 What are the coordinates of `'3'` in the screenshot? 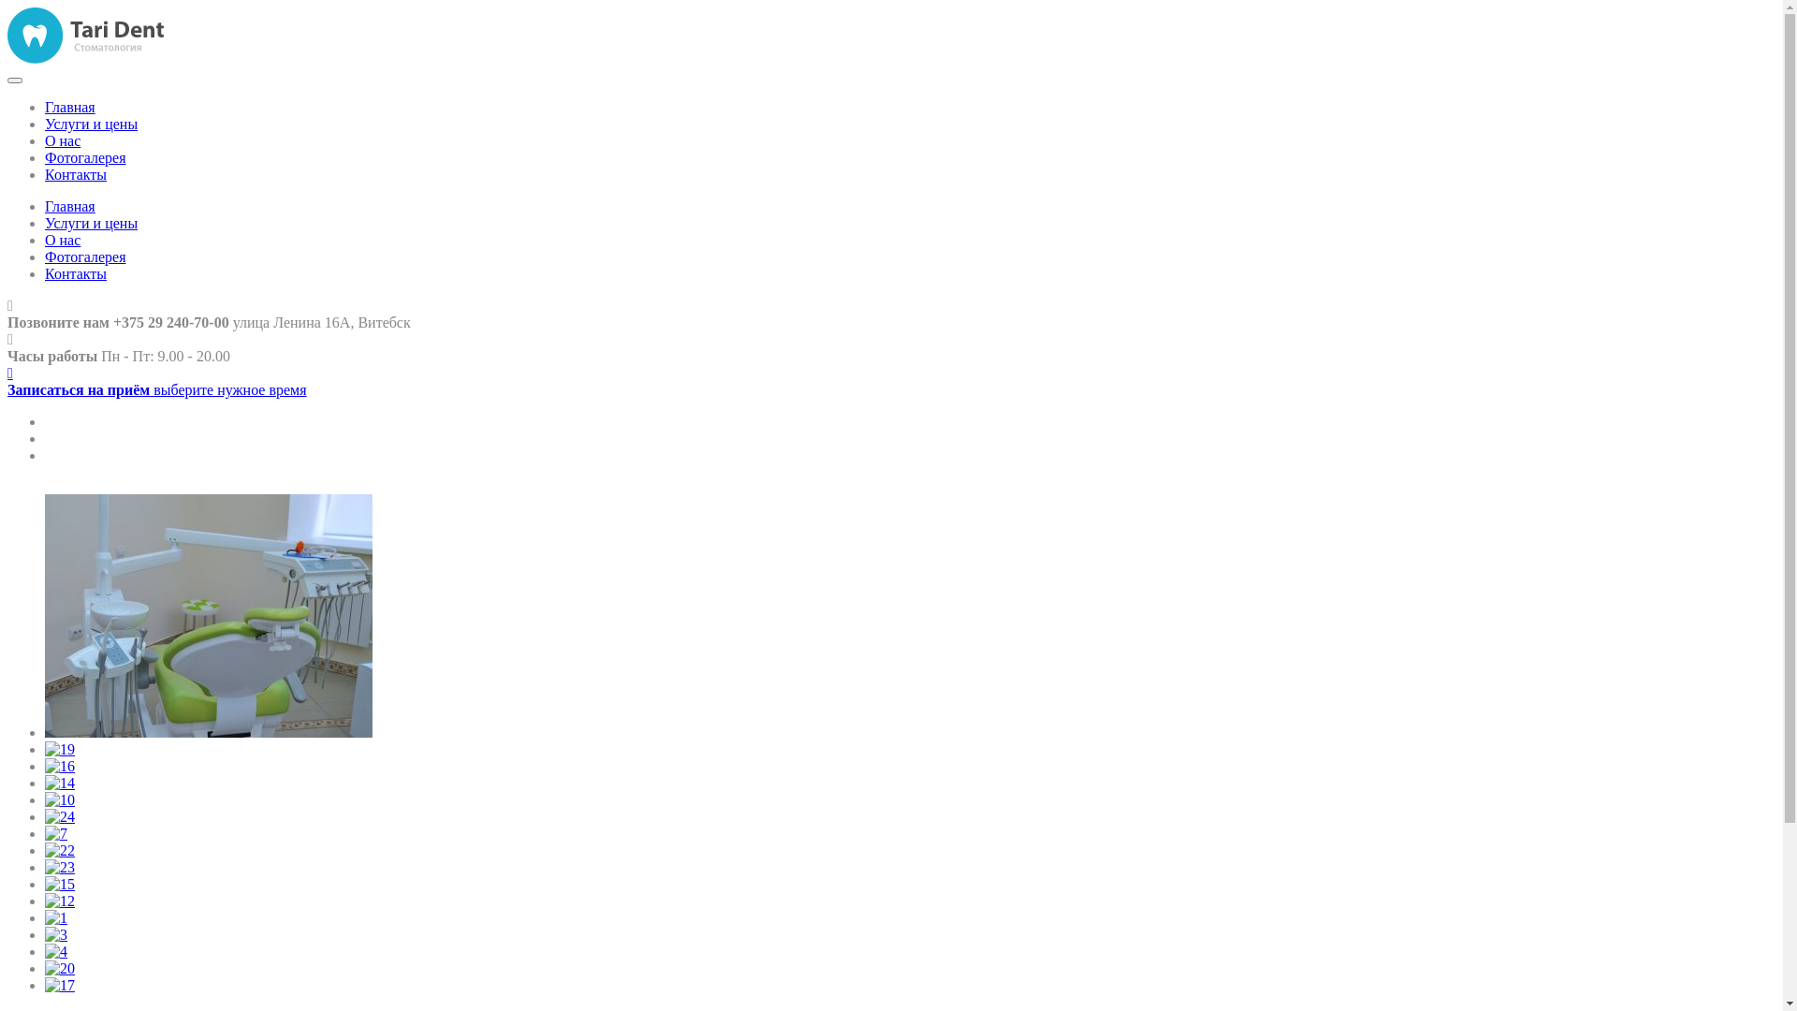 It's located at (45, 935).